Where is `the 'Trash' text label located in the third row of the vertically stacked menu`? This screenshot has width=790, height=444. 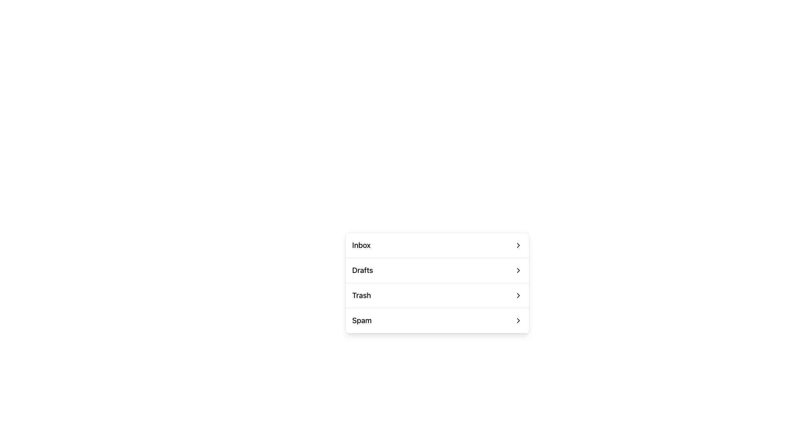
the 'Trash' text label located in the third row of the vertically stacked menu is located at coordinates (361, 295).